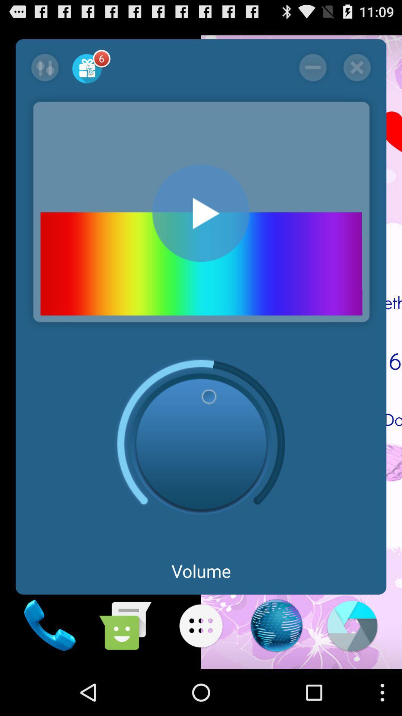 The height and width of the screenshot is (716, 402). What do you see at coordinates (201, 213) in the screenshot?
I see `audio` at bounding box center [201, 213].